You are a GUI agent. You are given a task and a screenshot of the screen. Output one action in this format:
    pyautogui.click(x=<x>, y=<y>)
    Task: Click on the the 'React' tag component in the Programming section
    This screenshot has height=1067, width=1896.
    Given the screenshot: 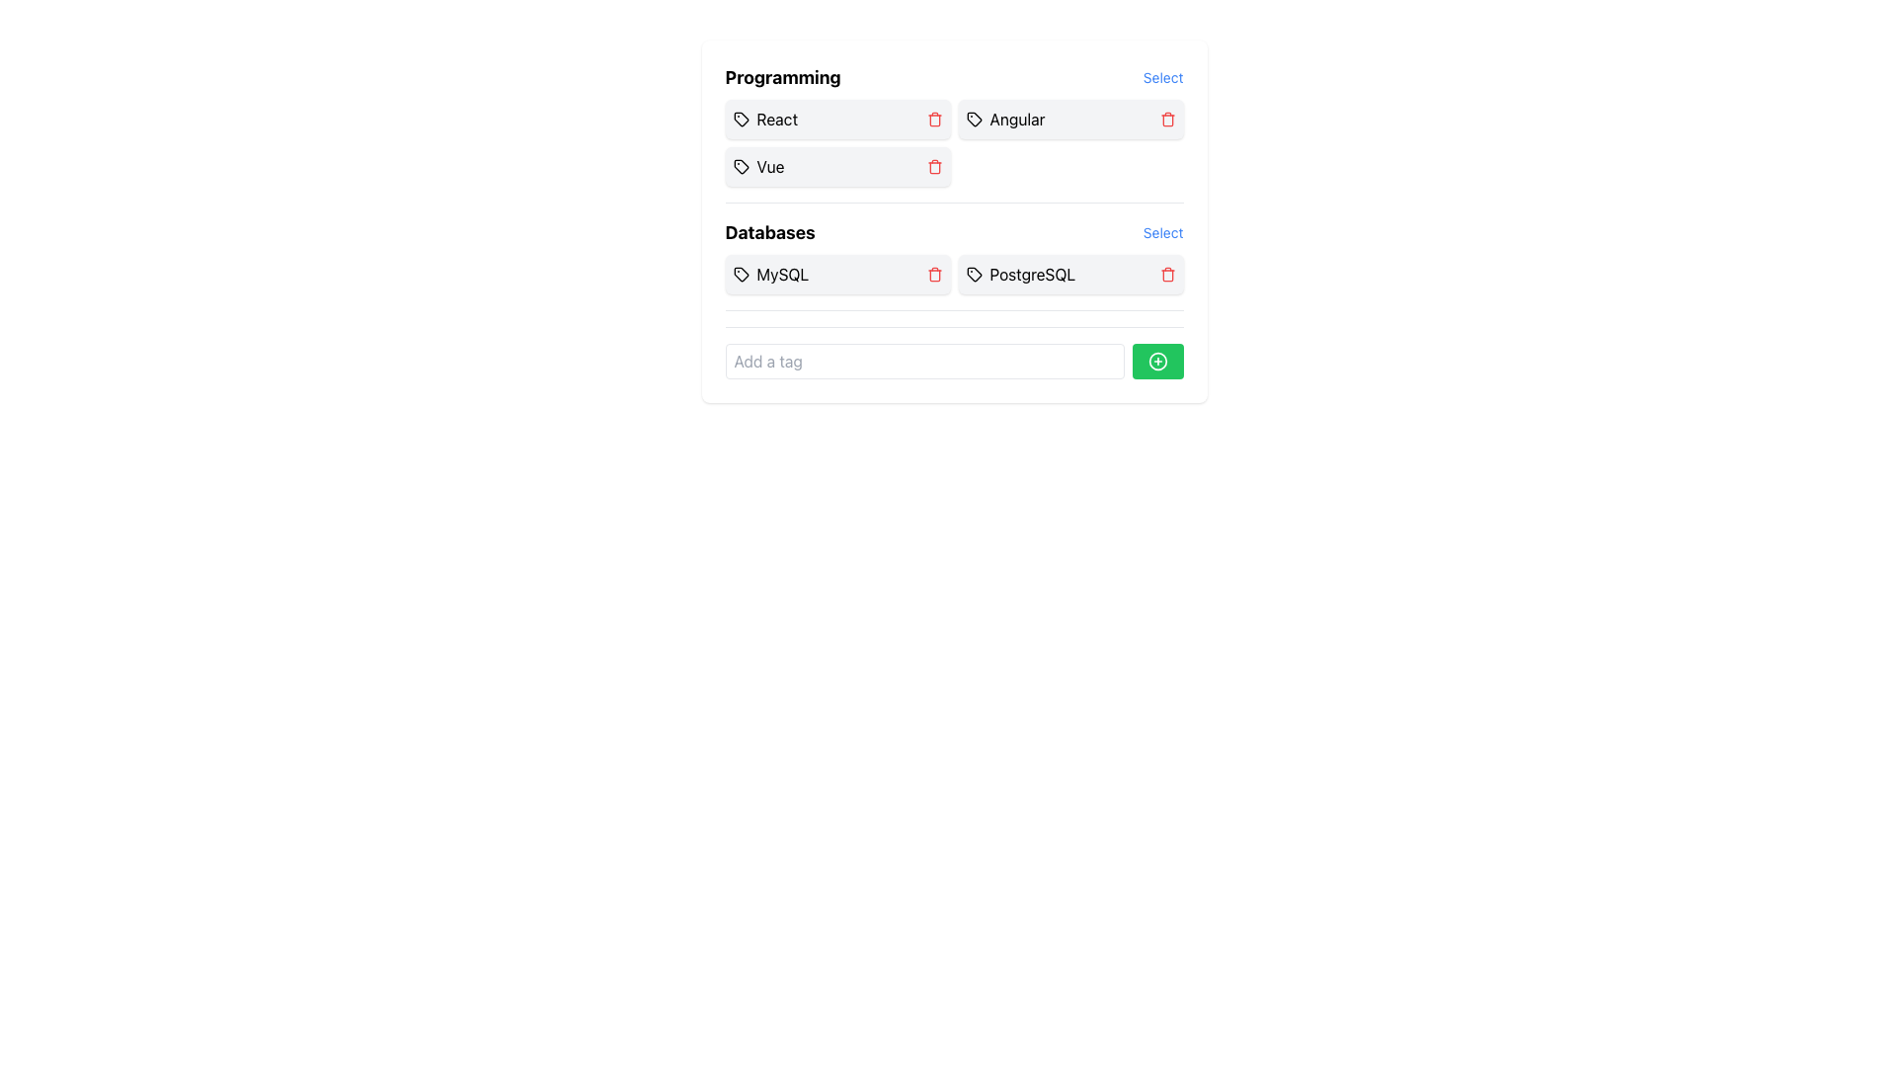 What is the action you would take?
    pyautogui.click(x=837, y=119)
    